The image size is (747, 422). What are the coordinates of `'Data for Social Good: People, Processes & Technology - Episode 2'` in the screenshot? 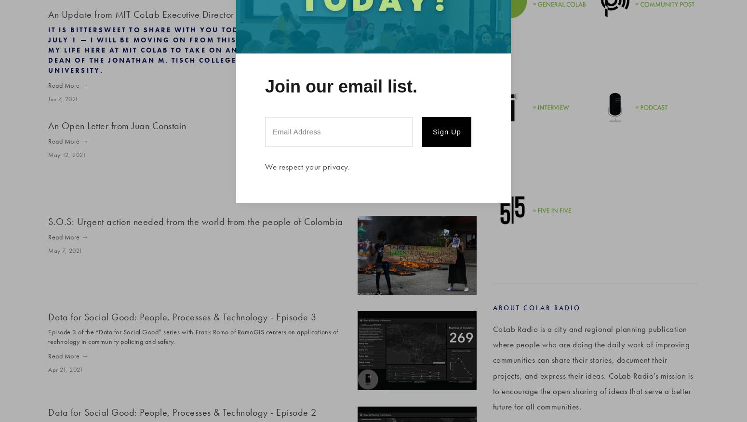 It's located at (182, 412).